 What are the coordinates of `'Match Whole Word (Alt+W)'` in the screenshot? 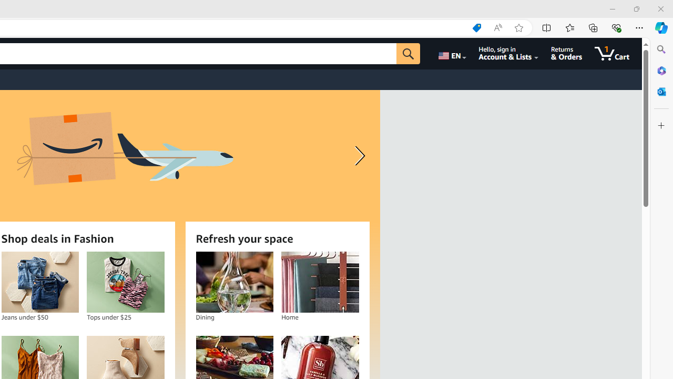 It's located at (484, 57).